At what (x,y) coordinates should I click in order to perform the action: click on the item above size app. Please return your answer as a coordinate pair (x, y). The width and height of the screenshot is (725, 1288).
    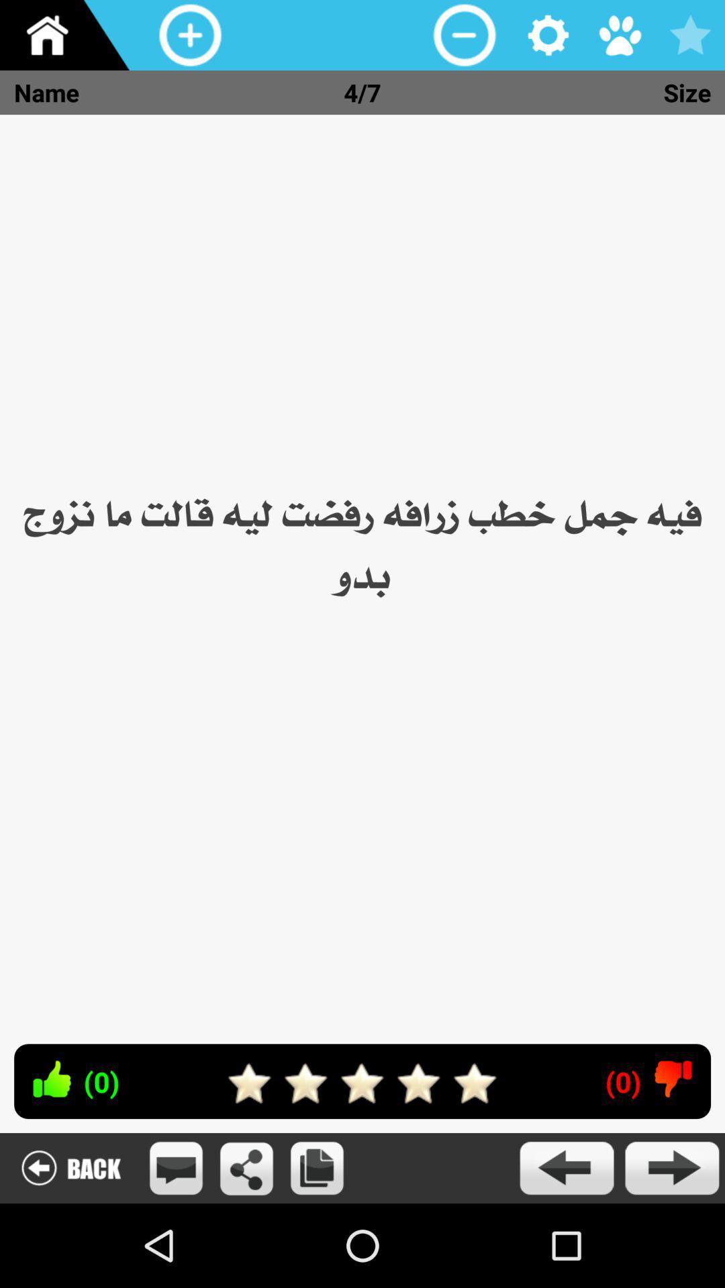
    Looking at the image, I should click on (619, 35).